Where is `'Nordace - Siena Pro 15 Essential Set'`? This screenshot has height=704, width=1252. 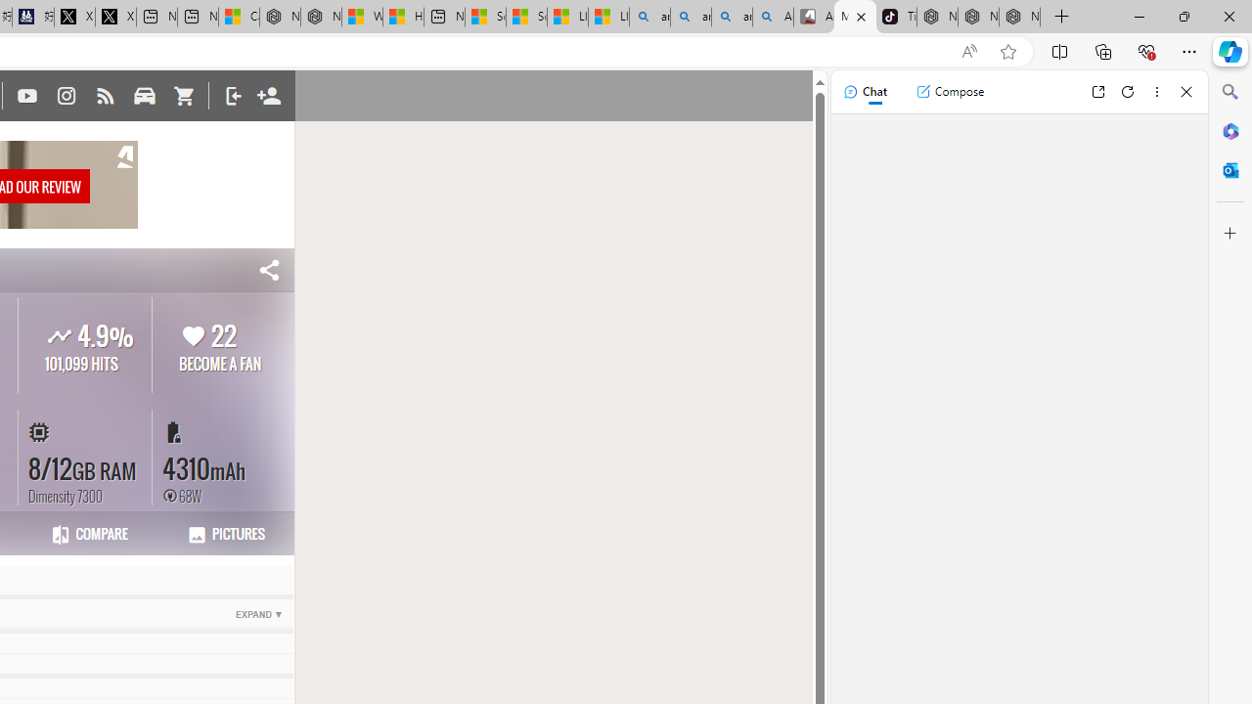 'Nordace - Siena Pro 15 Essential Set' is located at coordinates (1018, 17).